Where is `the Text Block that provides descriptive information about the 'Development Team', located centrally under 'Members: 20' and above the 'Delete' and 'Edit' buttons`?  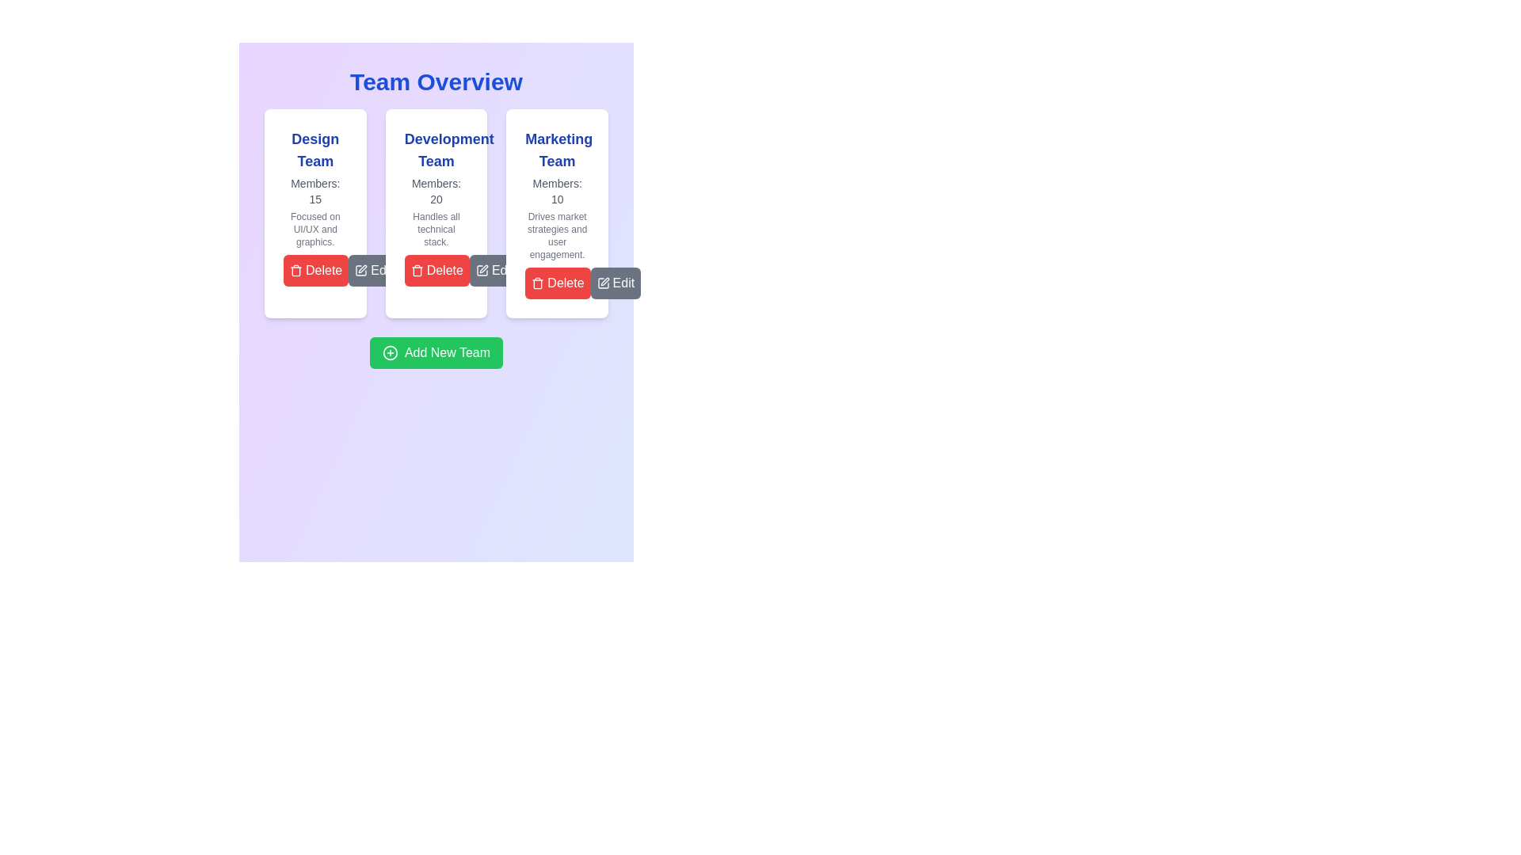
the Text Block that provides descriptive information about the 'Development Team', located centrally under 'Members: 20' and above the 'Delete' and 'Edit' buttons is located at coordinates (436, 229).